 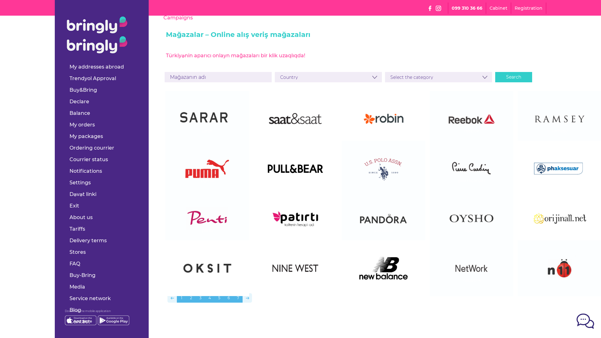 I want to click on 'Blog', so click(x=75, y=310).